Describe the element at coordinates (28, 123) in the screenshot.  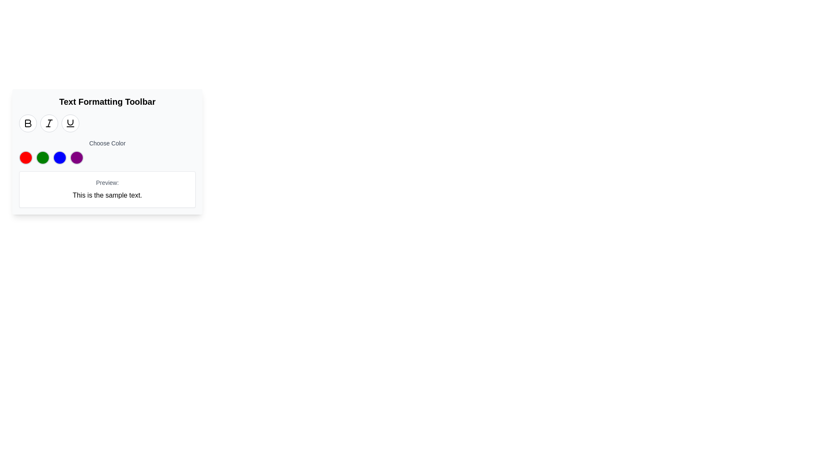
I see `the bold formatting button, represented by the letter 'B' in a circular design` at that location.